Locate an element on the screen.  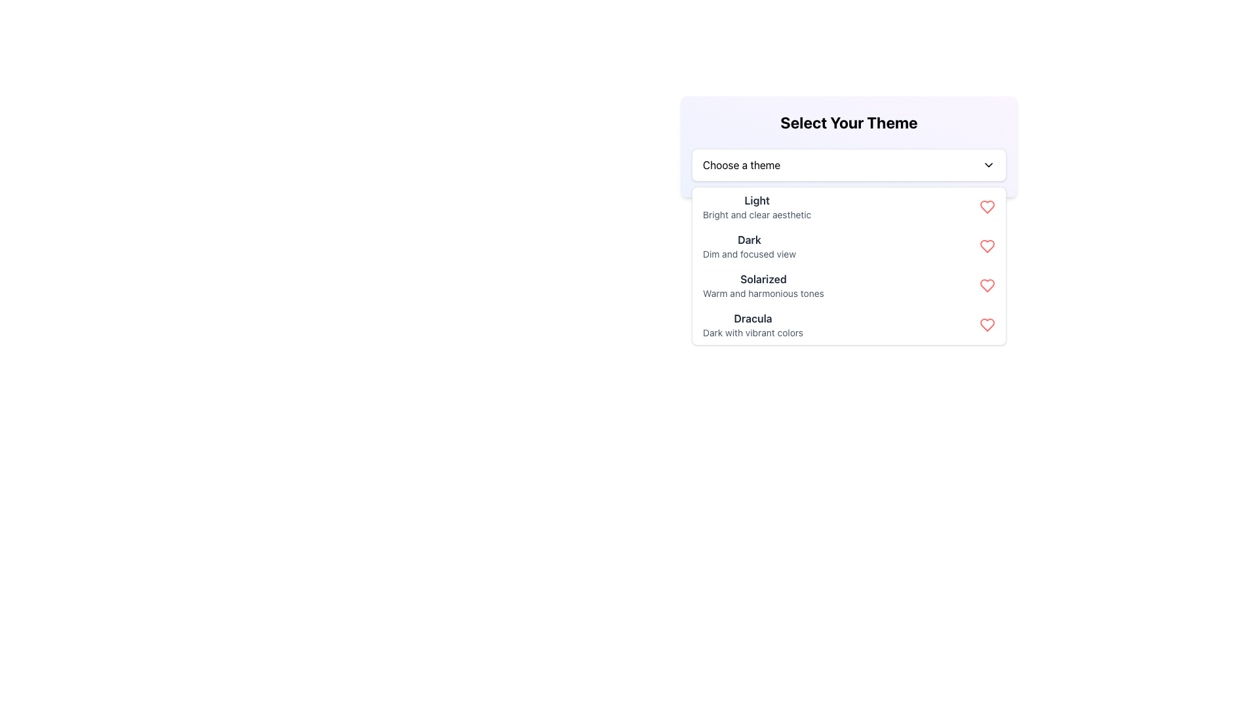
the 'Light' theme title text label in the theme selection dropdown, which visually distinguishes the option among others like 'Dark', 'Solarized', and 'Dracula' is located at coordinates (757, 200).